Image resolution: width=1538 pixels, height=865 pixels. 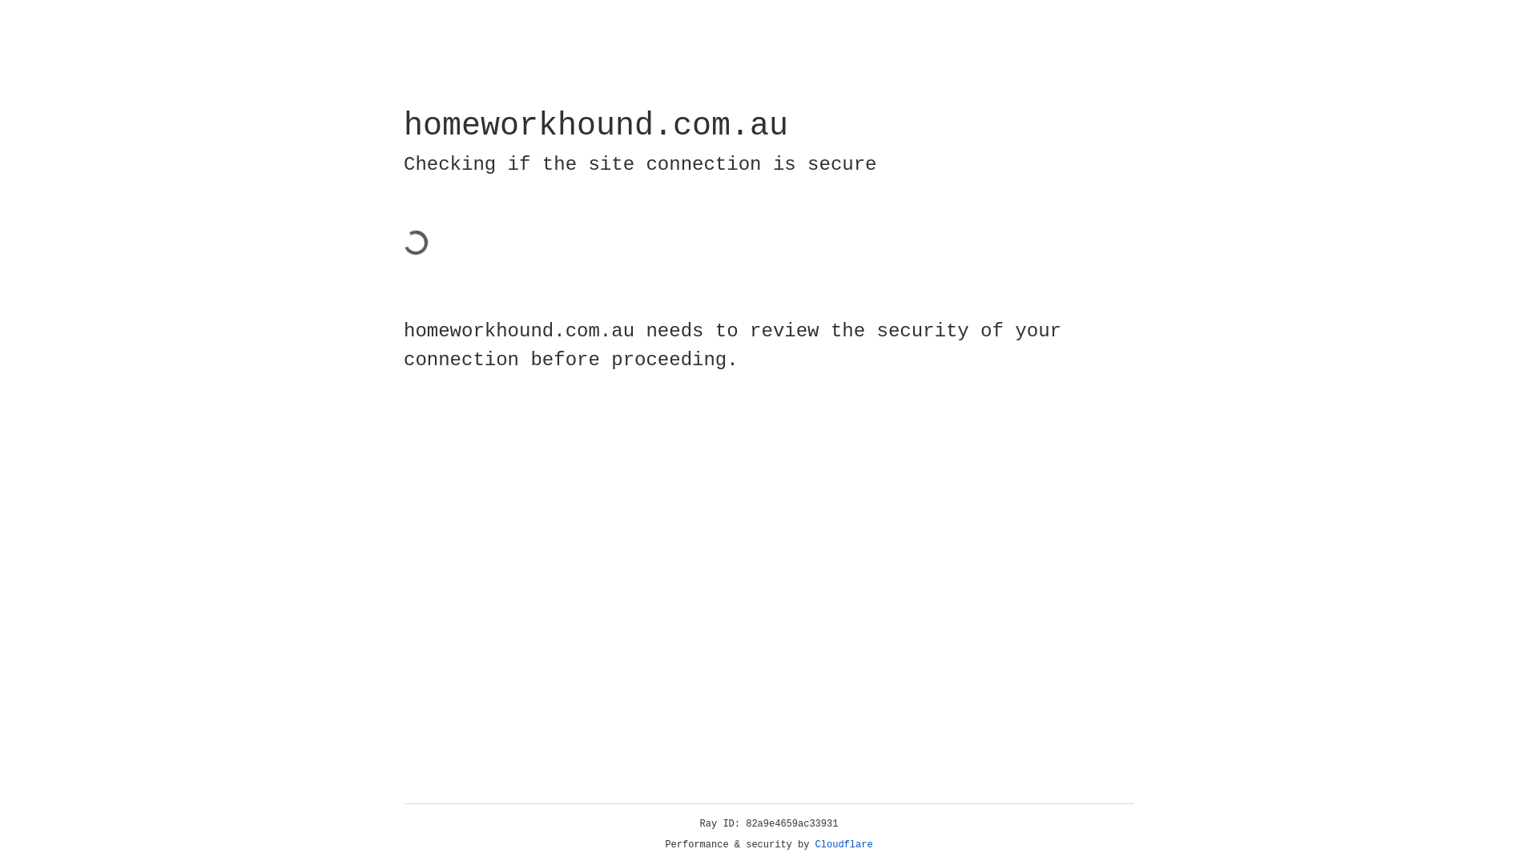 I want to click on 'Cloudflare', so click(x=843, y=844).